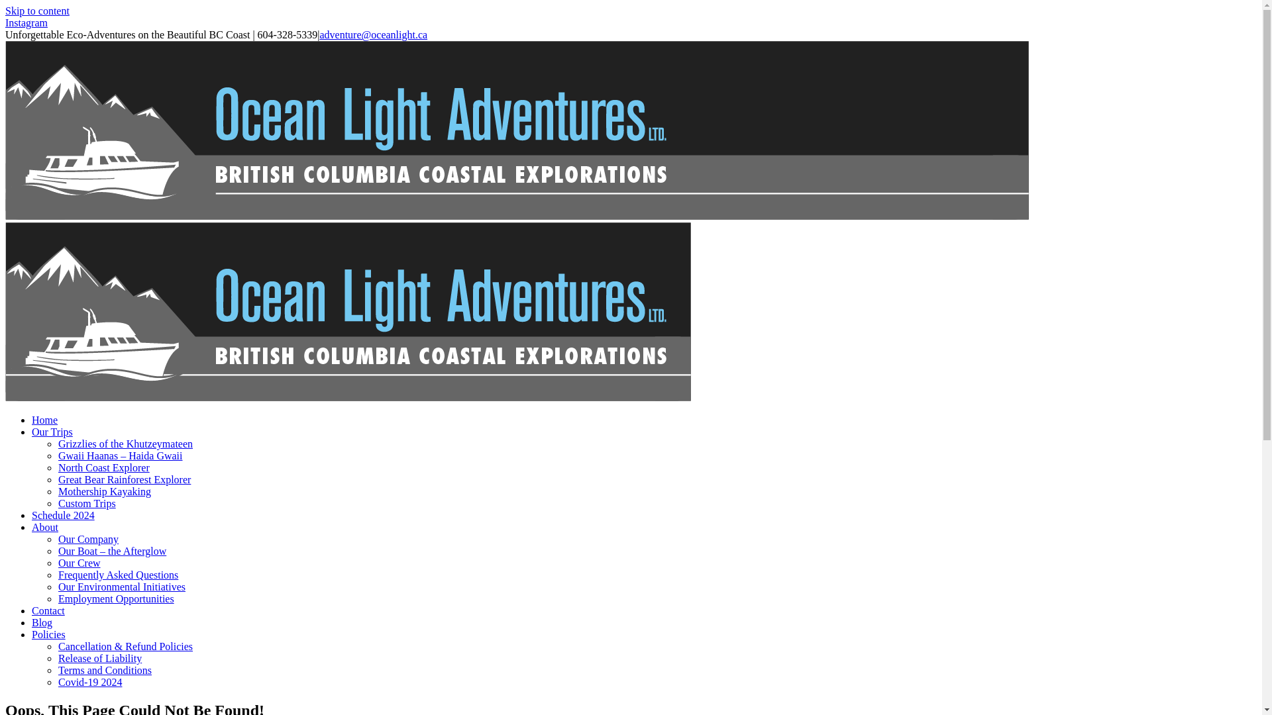  I want to click on 'Schedule 2024', so click(62, 514).